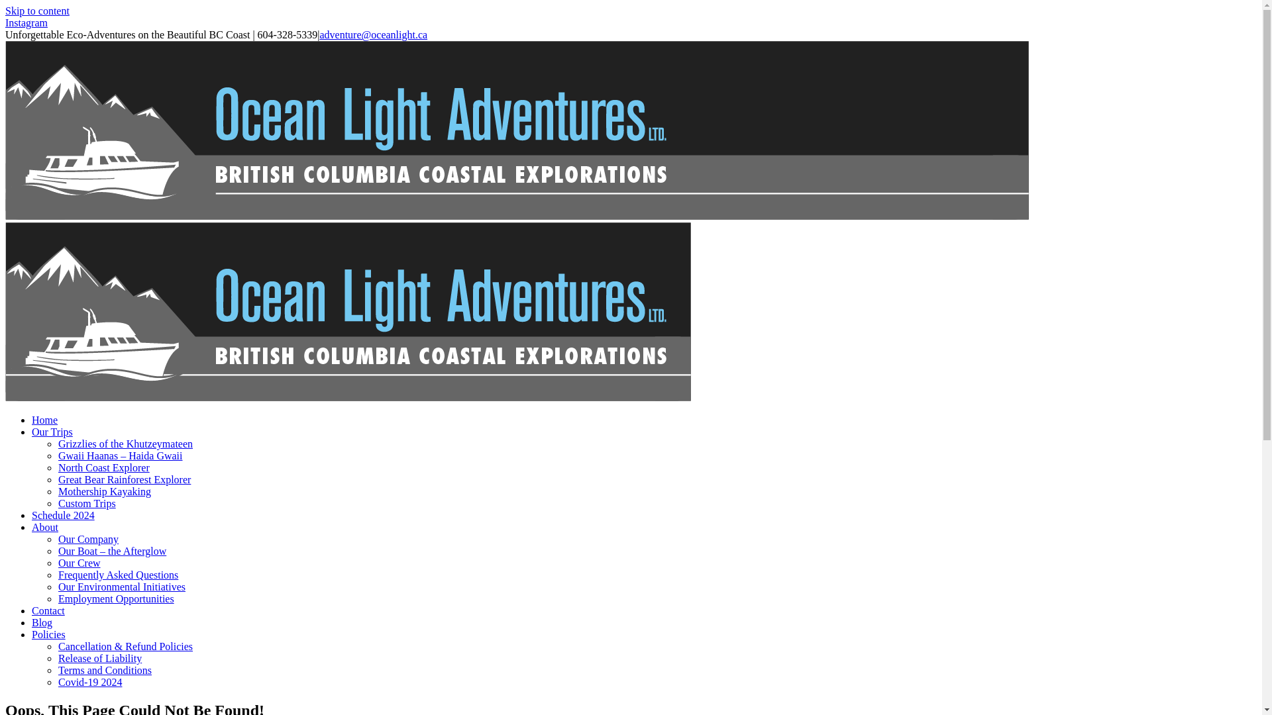  I want to click on 'Schedule 2024', so click(62, 514).